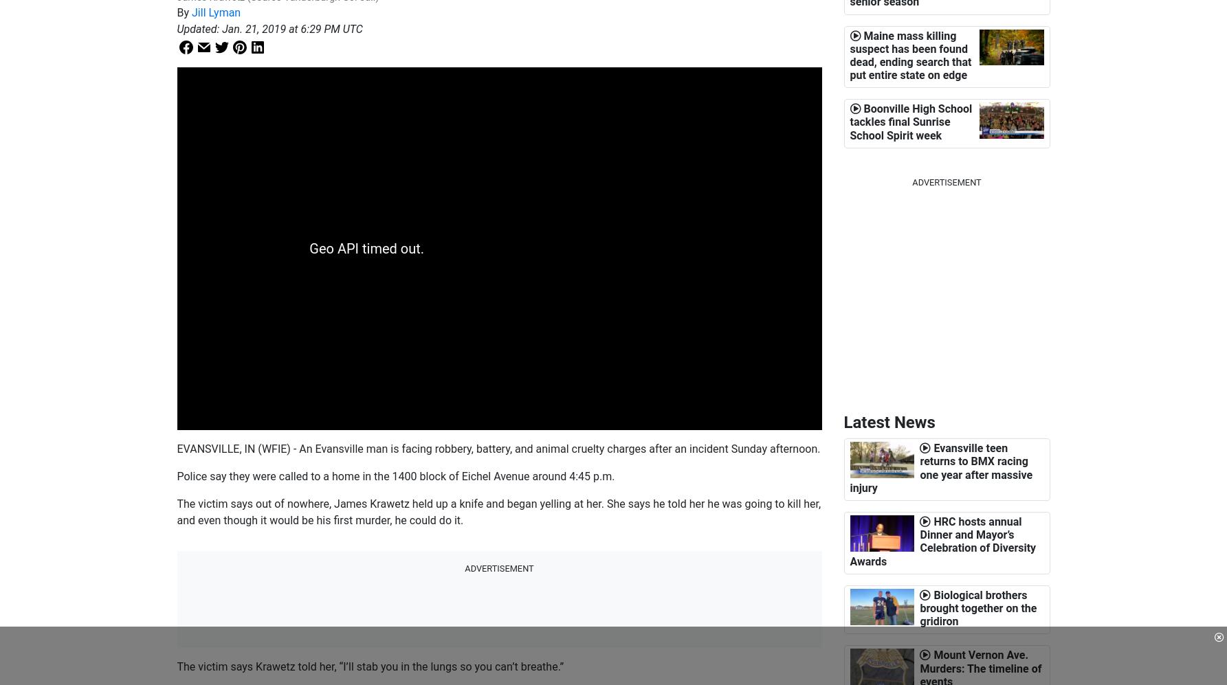  I want to click on 'By', so click(177, 12).